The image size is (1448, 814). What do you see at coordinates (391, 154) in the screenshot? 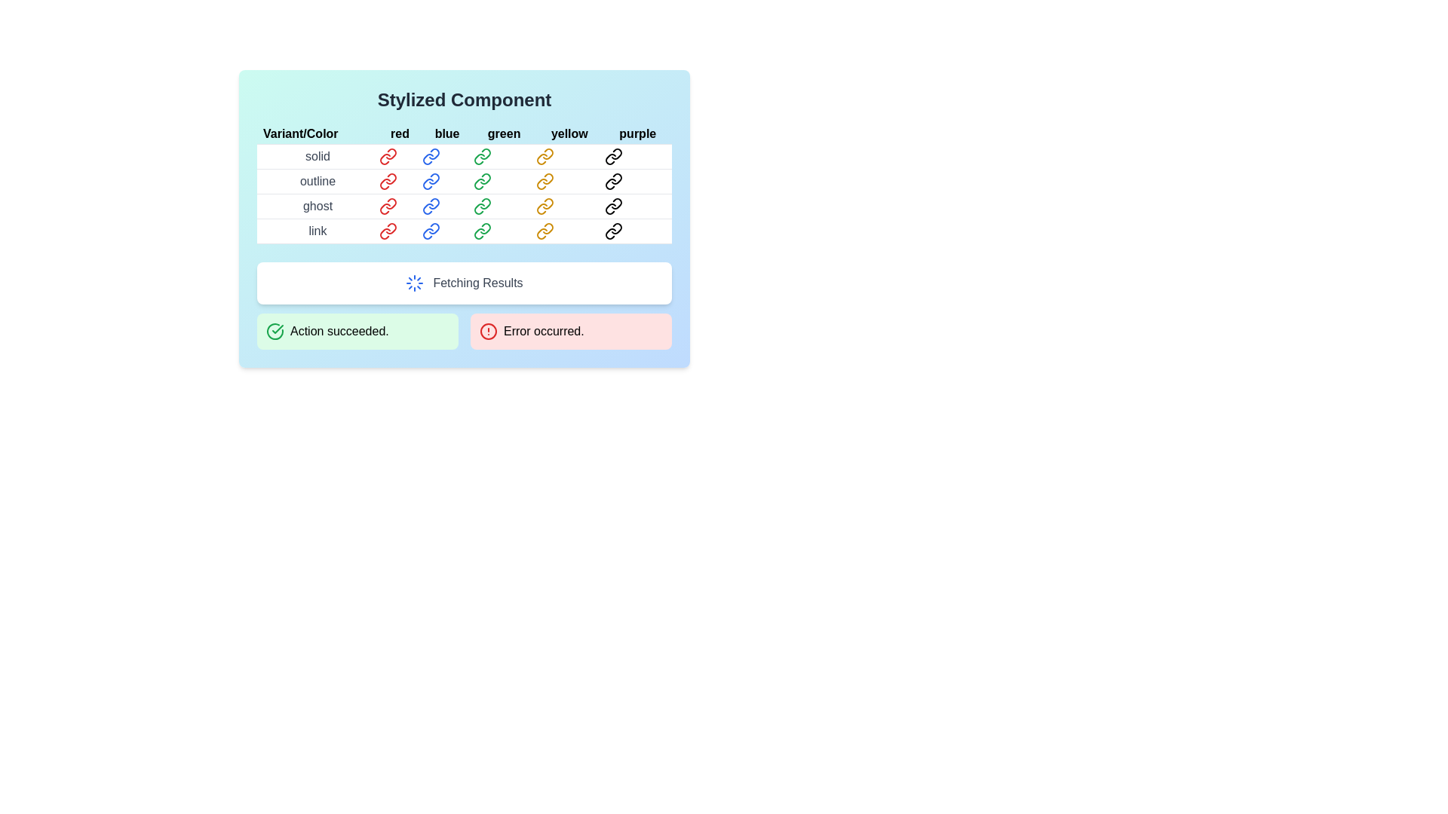
I see `the red link symbol icon located in the first cell of the table under the 'red' column and 'solid' row` at bounding box center [391, 154].